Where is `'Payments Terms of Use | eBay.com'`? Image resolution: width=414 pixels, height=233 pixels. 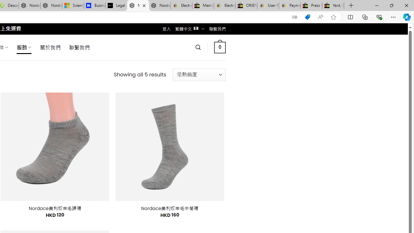 'Payments Terms of Use | eBay.com' is located at coordinates (289, 6).